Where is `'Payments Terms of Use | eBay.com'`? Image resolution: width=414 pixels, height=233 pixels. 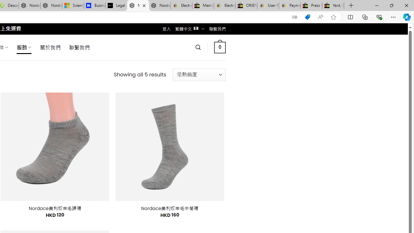 'Payments Terms of Use | eBay.com' is located at coordinates (289, 6).